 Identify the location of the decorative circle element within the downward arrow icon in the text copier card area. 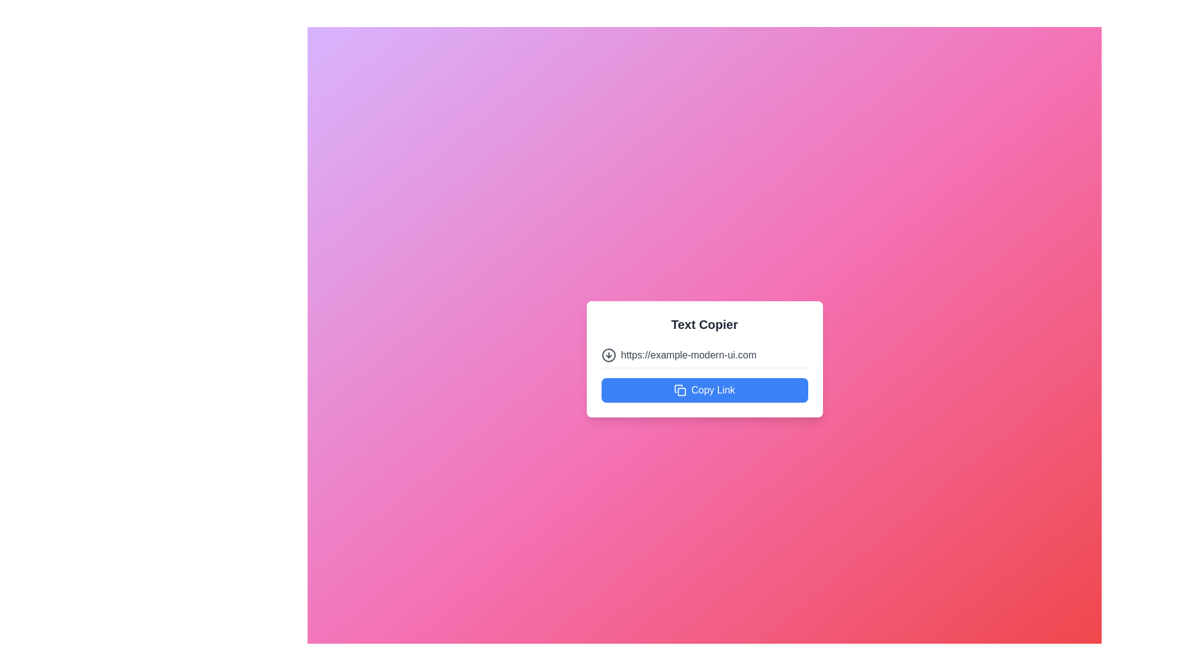
(608, 355).